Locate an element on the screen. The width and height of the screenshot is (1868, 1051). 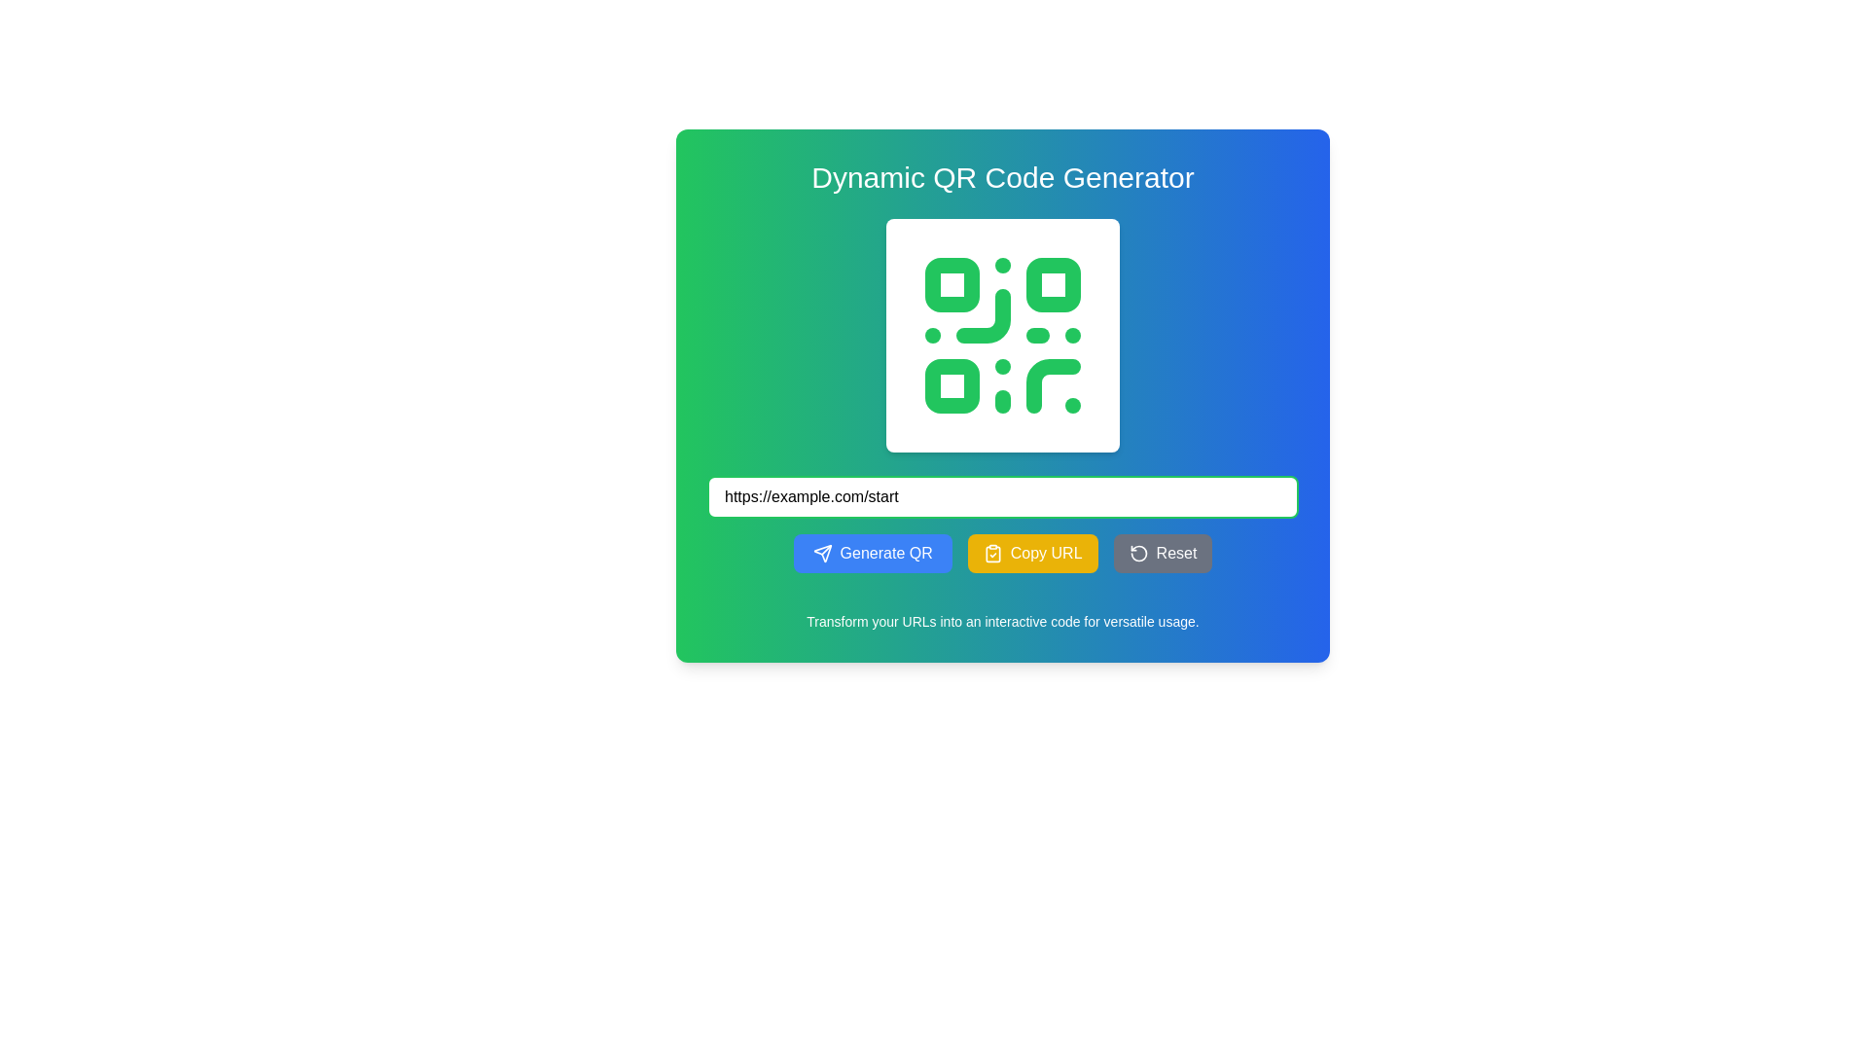
the top-left corner square of the QR code, which aids in its alignment and structure is located at coordinates (952, 285).